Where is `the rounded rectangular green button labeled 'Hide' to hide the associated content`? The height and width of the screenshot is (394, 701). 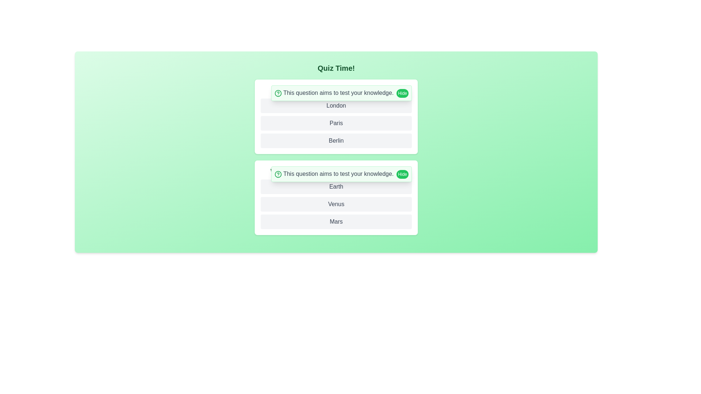 the rounded rectangular green button labeled 'Hide' to hide the associated content is located at coordinates (402, 93).